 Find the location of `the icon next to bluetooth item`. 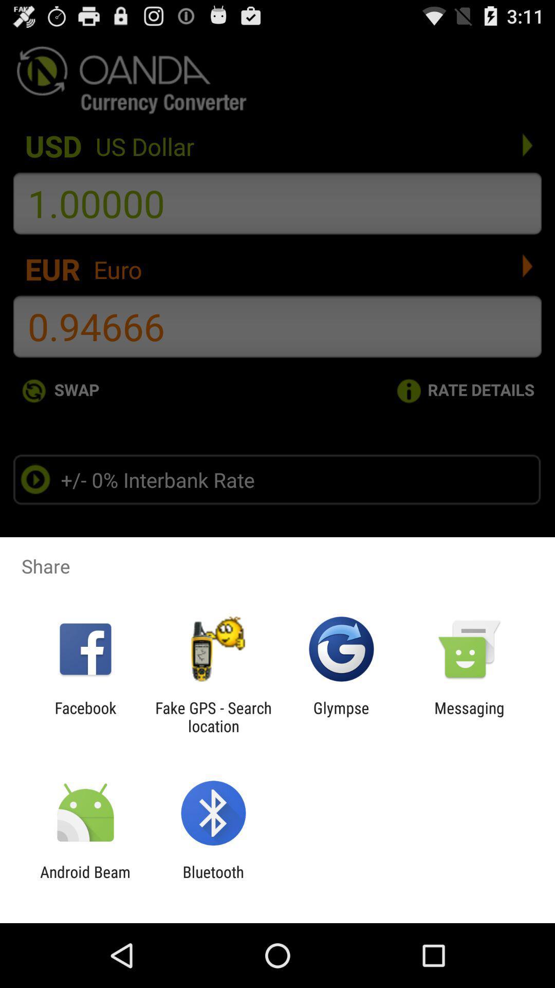

the icon next to bluetooth item is located at coordinates (85, 880).